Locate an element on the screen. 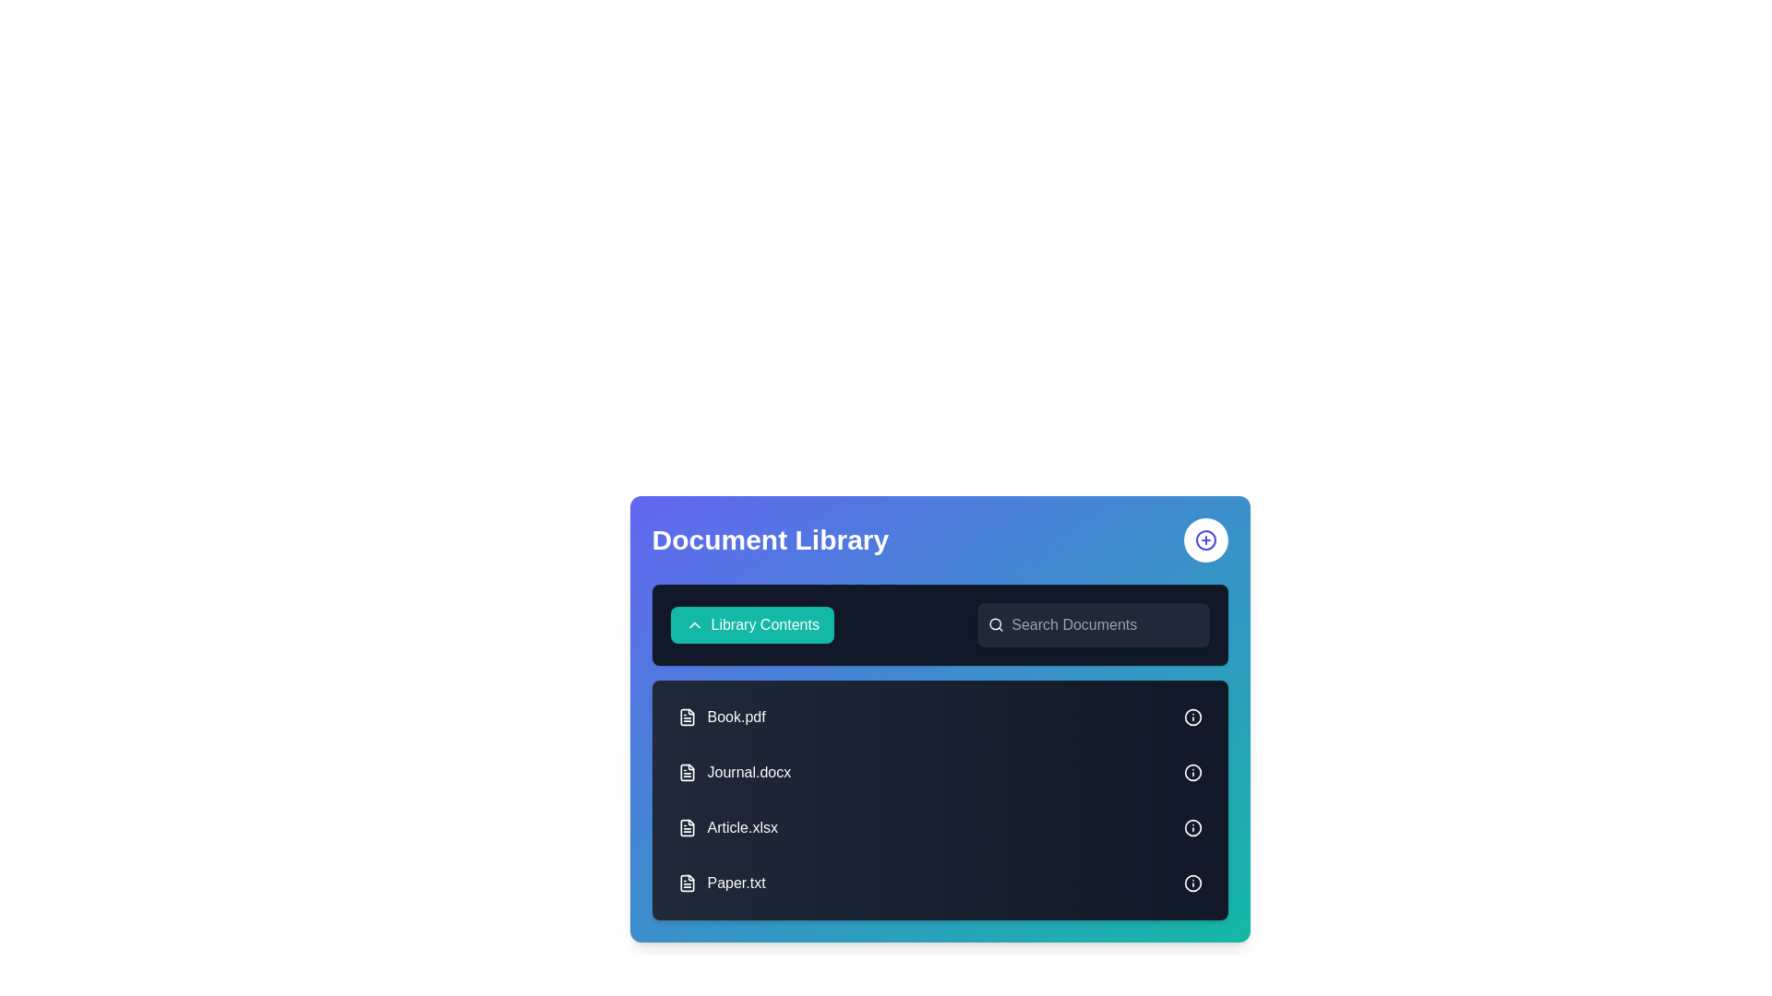  the info icon indicator in the rightmost column of the list item for 'Paper.txt' in the document list section is located at coordinates (1192, 882).